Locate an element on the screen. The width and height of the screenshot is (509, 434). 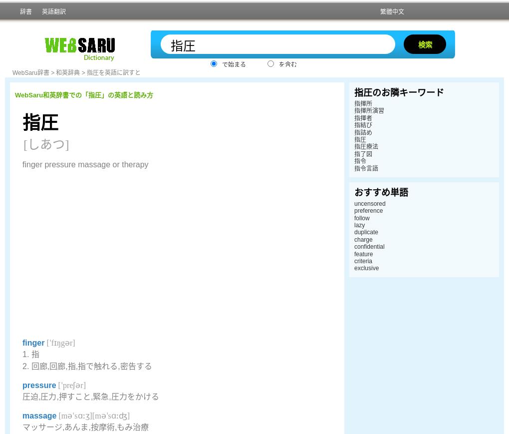
'[ˈpreʃər]' is located at coordinates (70, 385).